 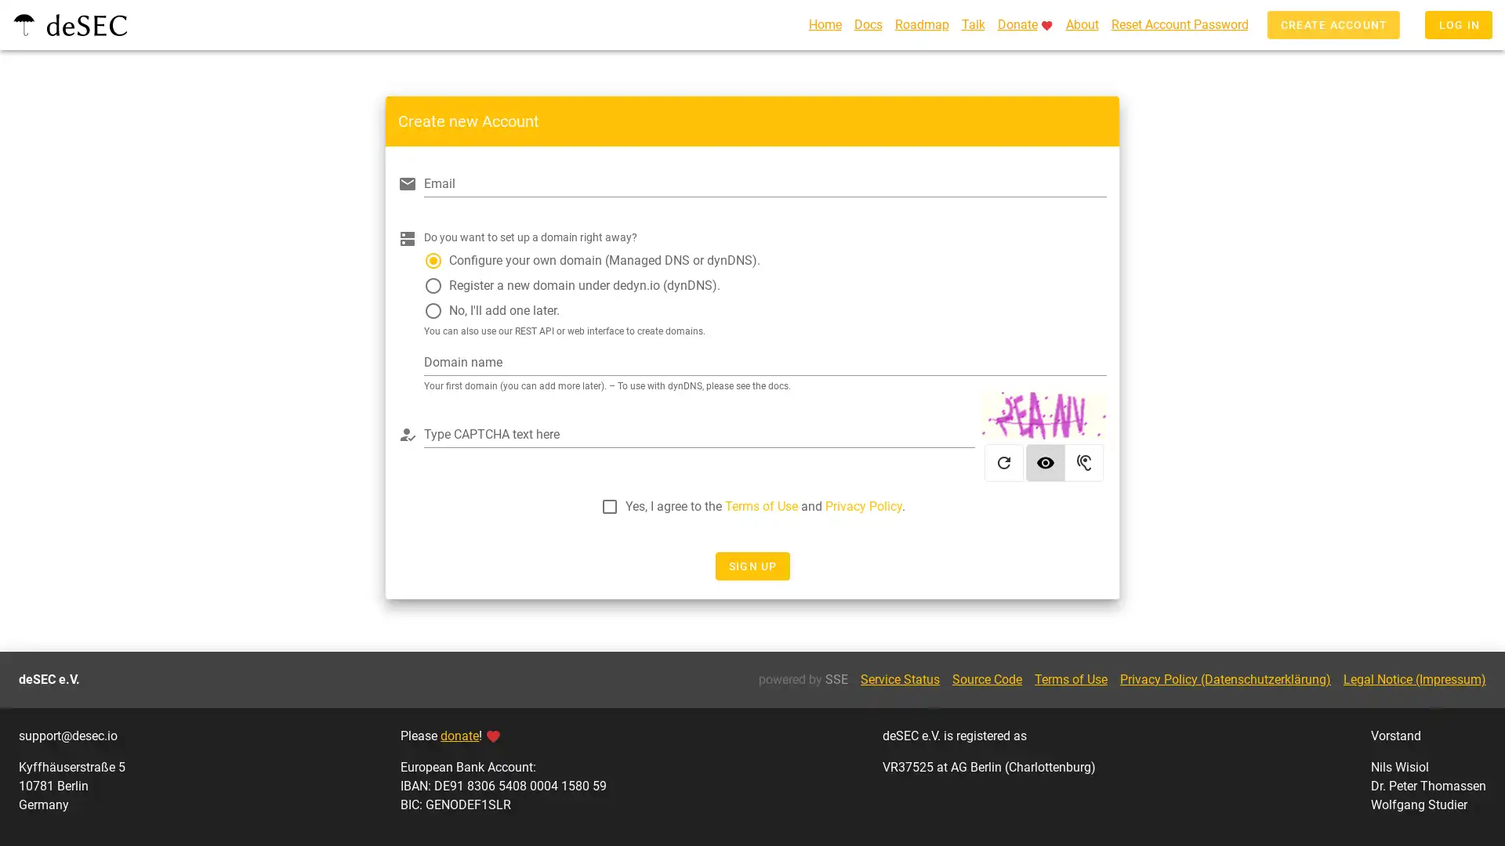 I want to click on Switch to Audio CAPTCHA, so click(x=1083, y=465).